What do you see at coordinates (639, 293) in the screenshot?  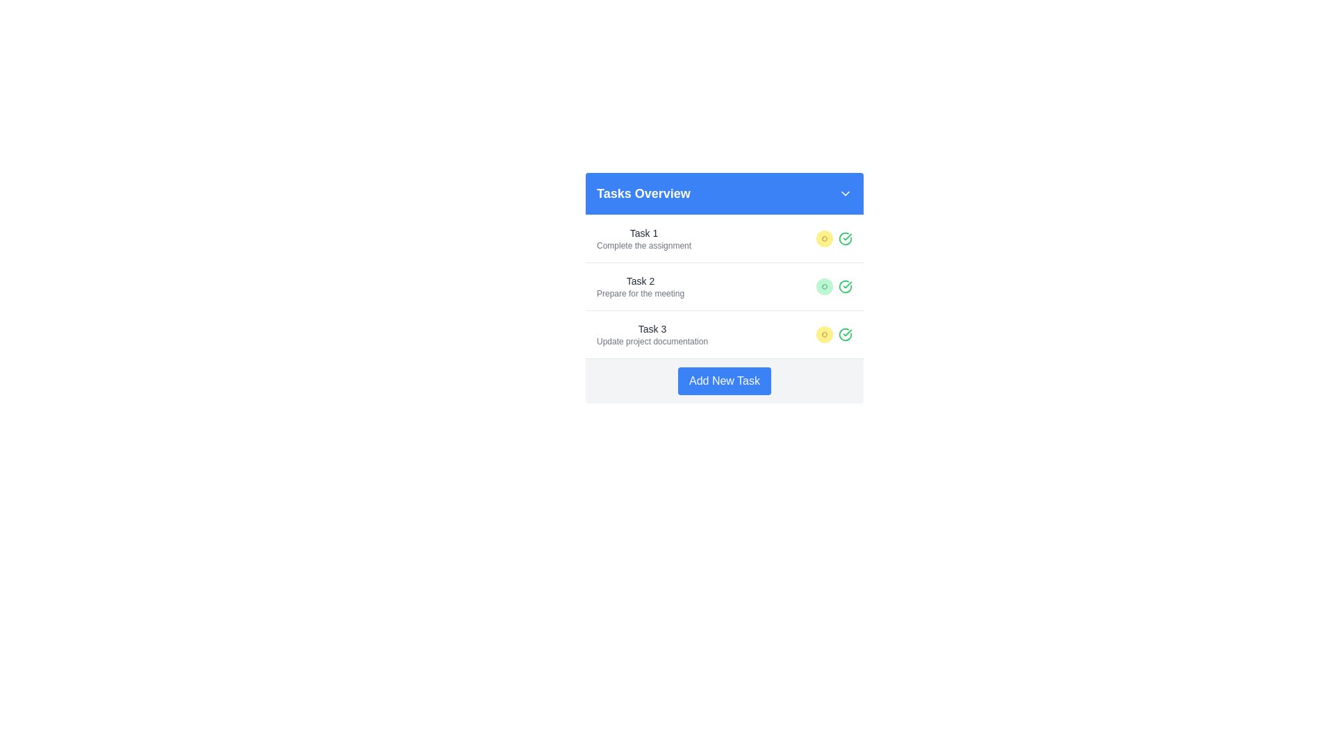 I see `the static text label providing details for 'Task 2', positioned slightly right of center and below the title` at bounding box center [639, 293].